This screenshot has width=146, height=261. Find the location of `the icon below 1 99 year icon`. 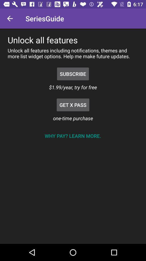

the icon below 1 99 year icon is located at coordinates (73, 104).